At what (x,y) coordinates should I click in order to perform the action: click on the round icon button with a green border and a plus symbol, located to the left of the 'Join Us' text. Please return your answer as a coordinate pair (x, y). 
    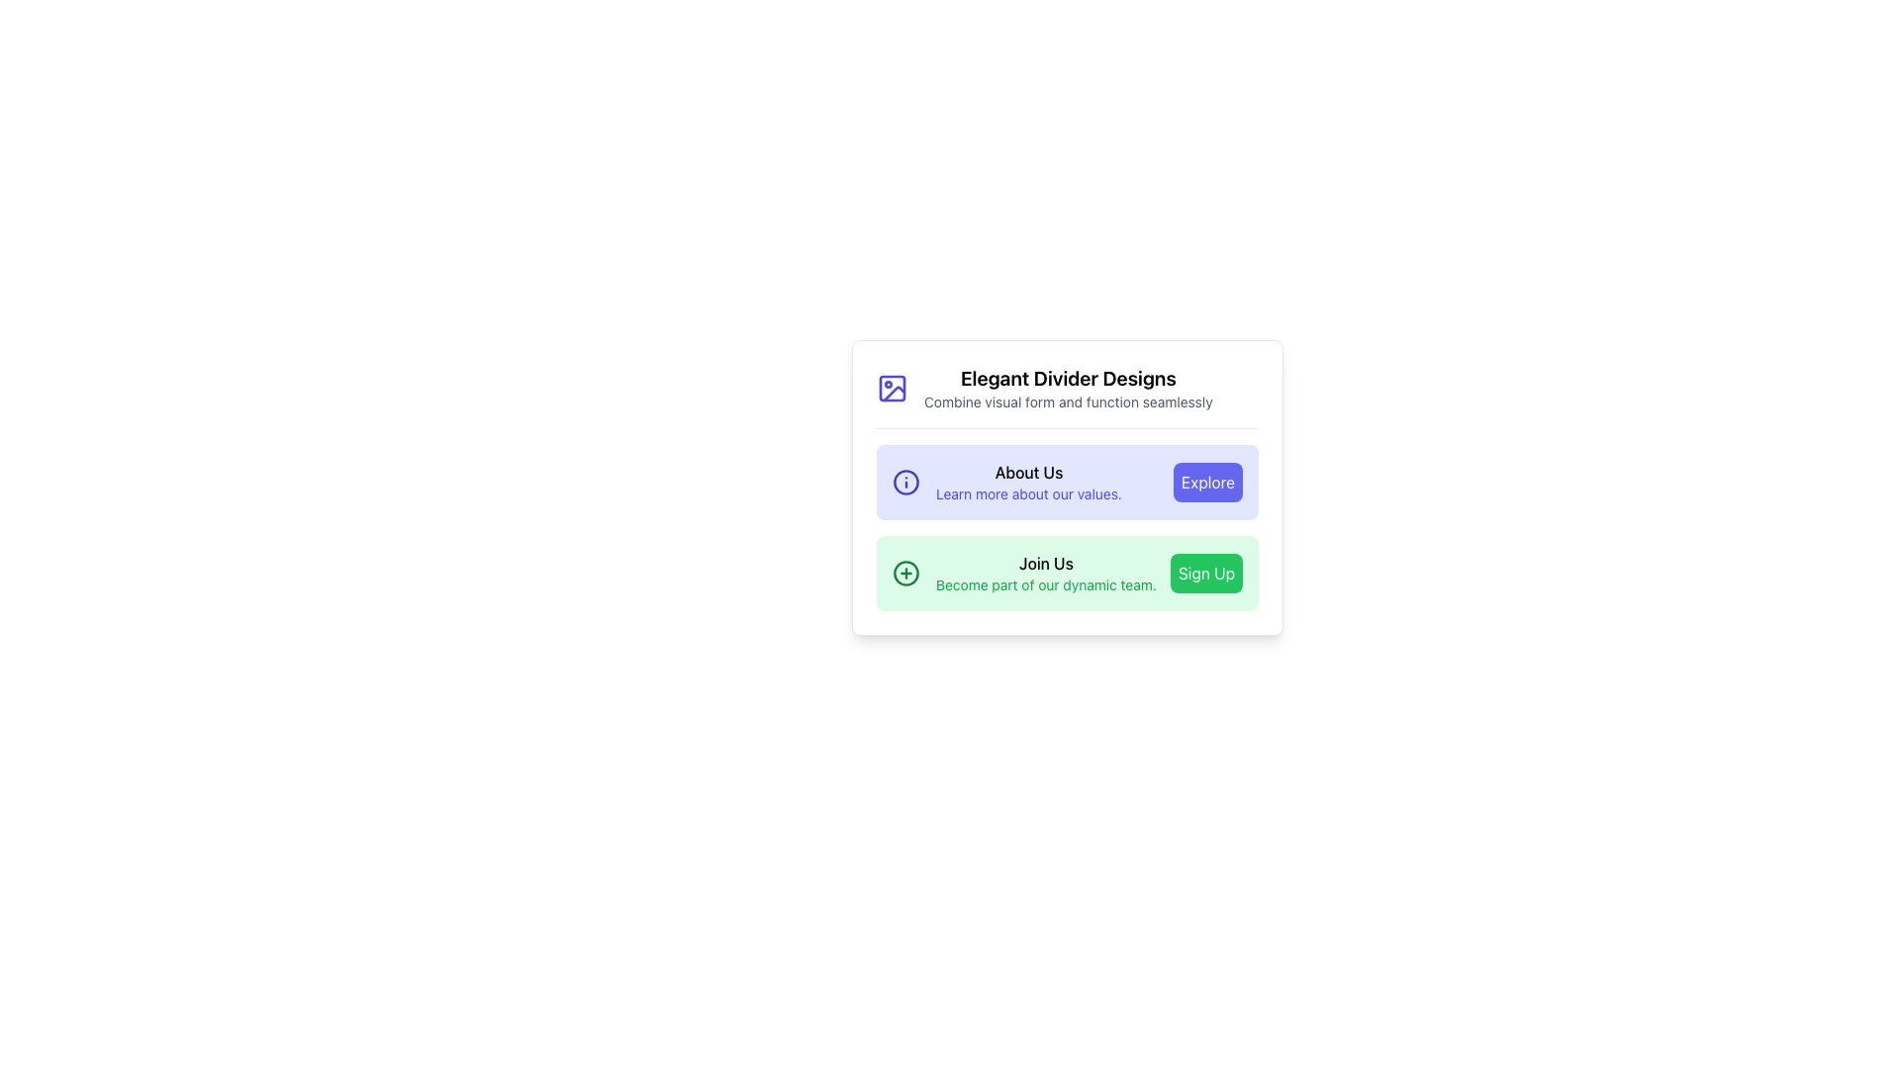
    Looking at the image, I should click on (905, 573).